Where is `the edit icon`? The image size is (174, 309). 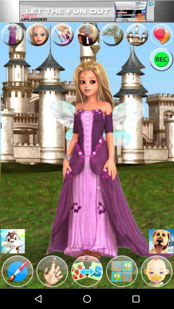 the edit icon is located at coordinates (17, 290).